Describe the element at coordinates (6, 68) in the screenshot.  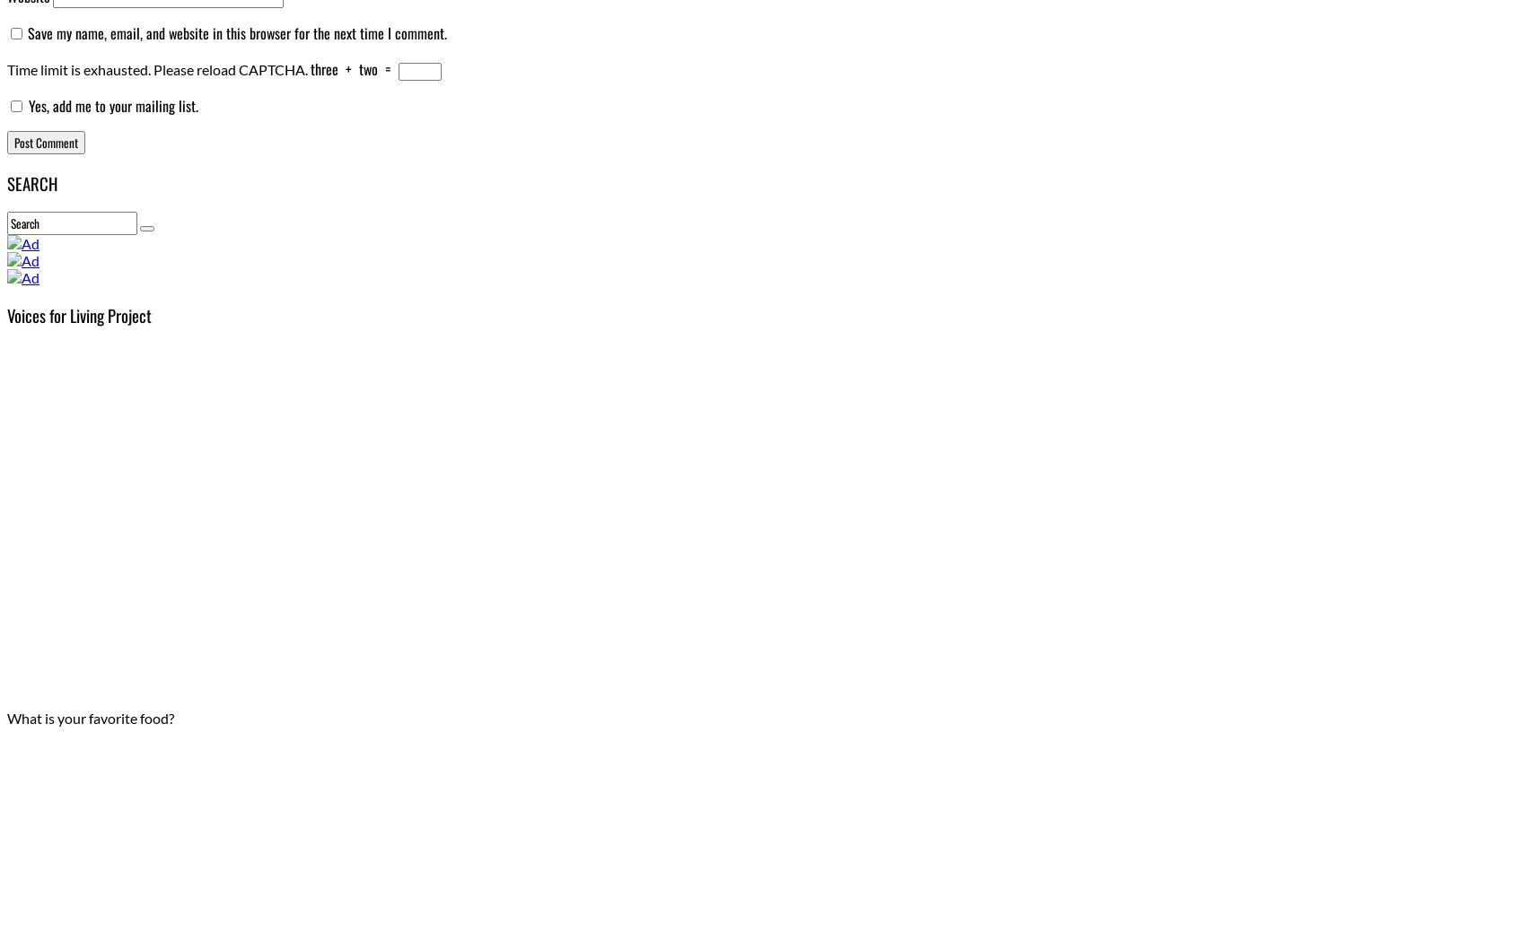
I see `'Time limit is exhausted. Please reload CAPTCHA.'` at that location.